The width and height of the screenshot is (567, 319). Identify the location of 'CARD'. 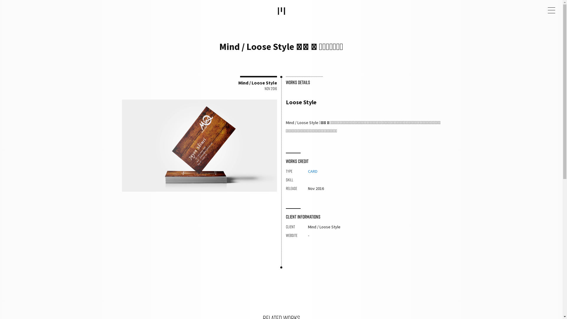
(312, 171).